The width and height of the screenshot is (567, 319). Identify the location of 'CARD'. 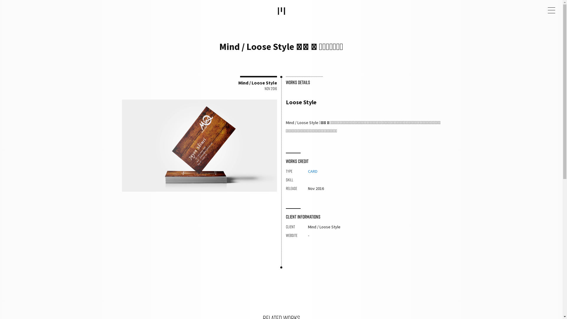
(312, 171).